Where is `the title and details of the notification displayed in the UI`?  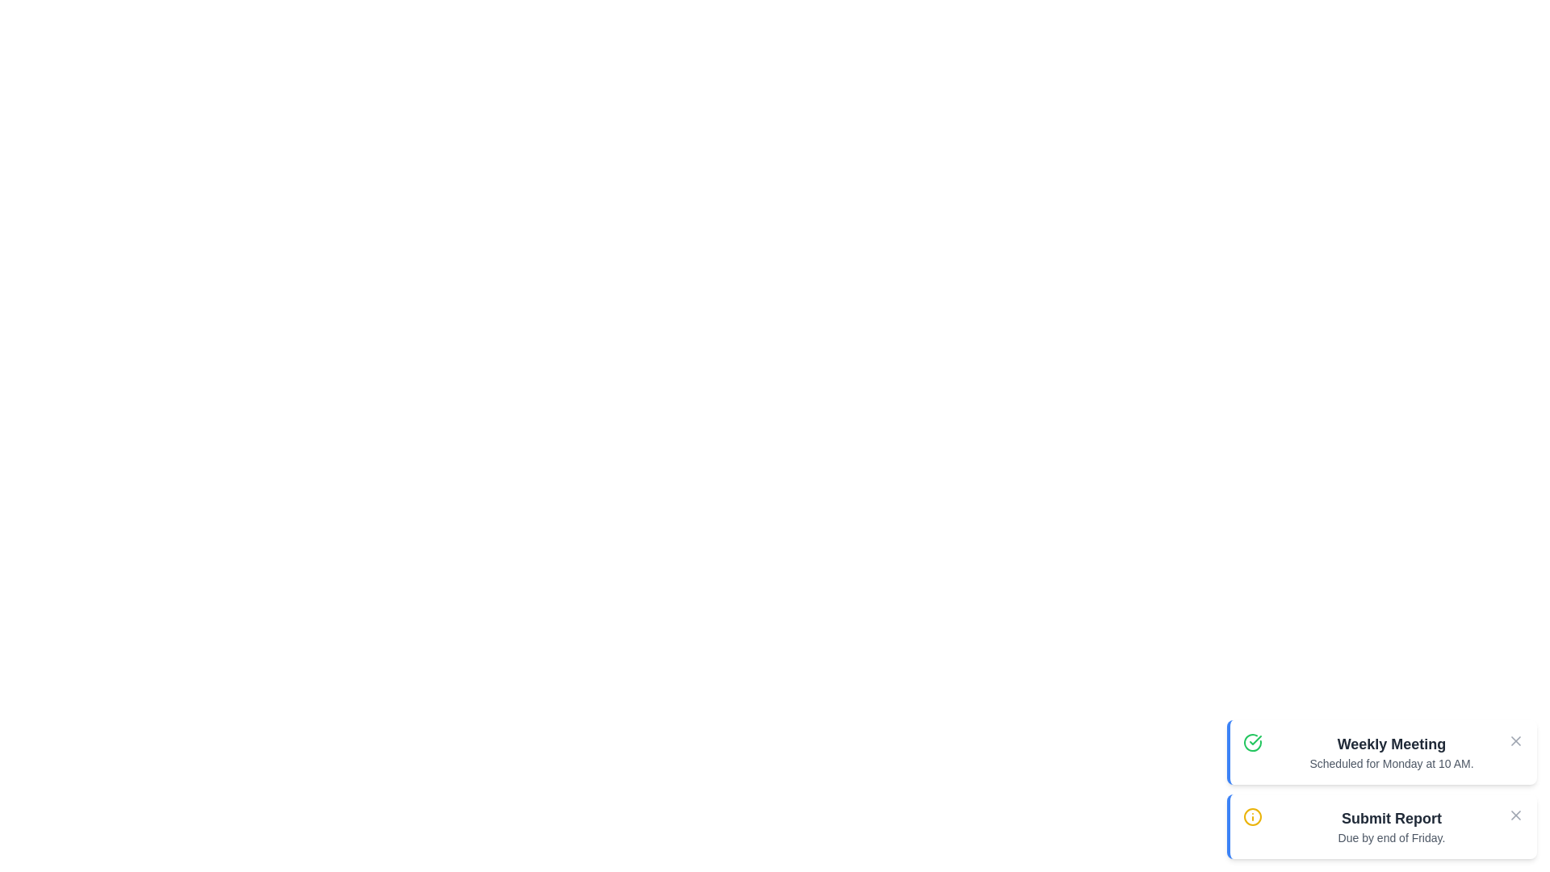 the title and details of the notification displayed in the UI is located at coordinates (1390, 744).